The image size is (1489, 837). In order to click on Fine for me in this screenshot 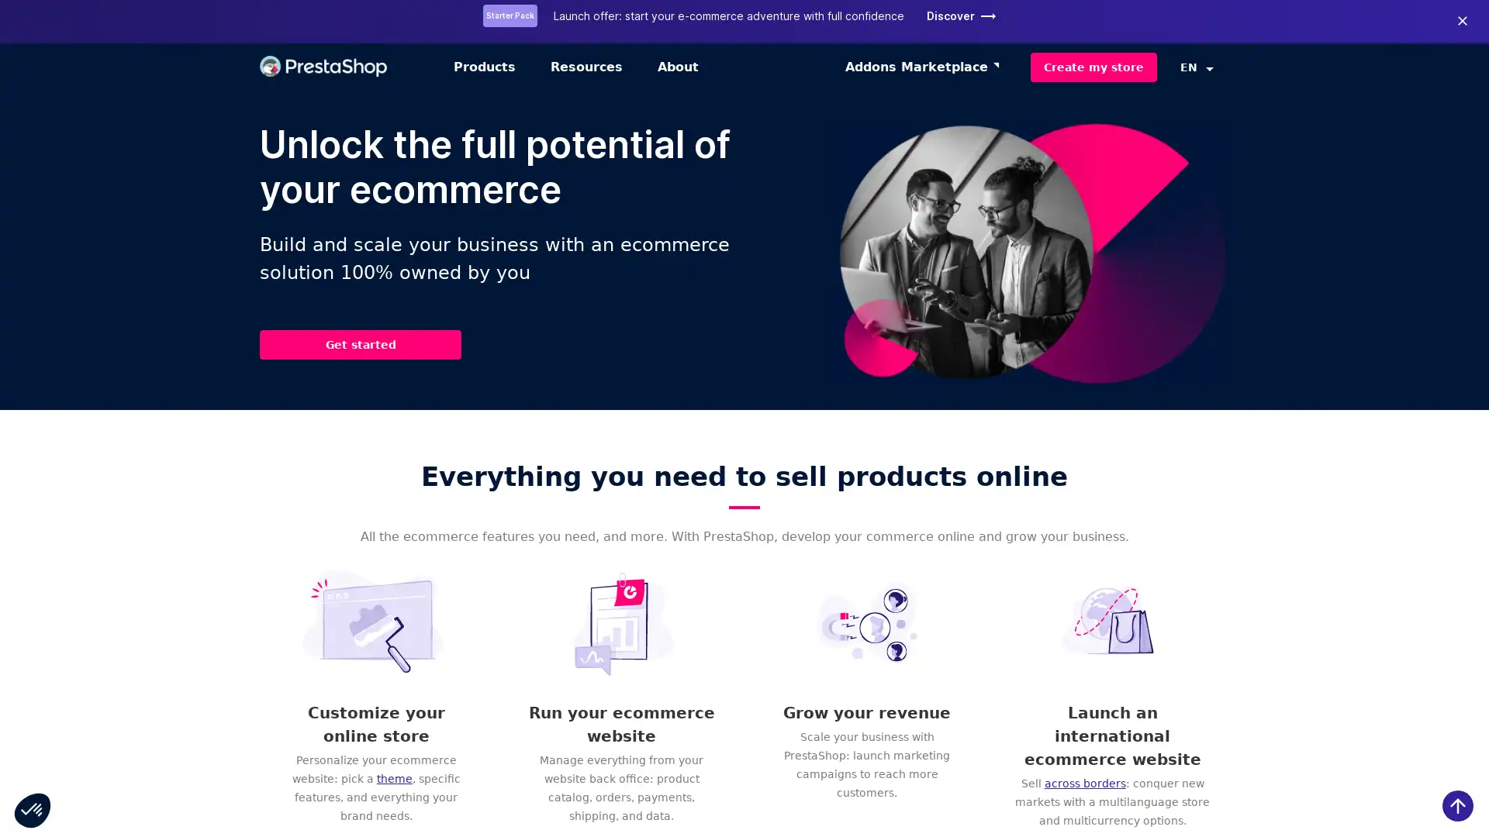, I will do `click(286, 758)`.